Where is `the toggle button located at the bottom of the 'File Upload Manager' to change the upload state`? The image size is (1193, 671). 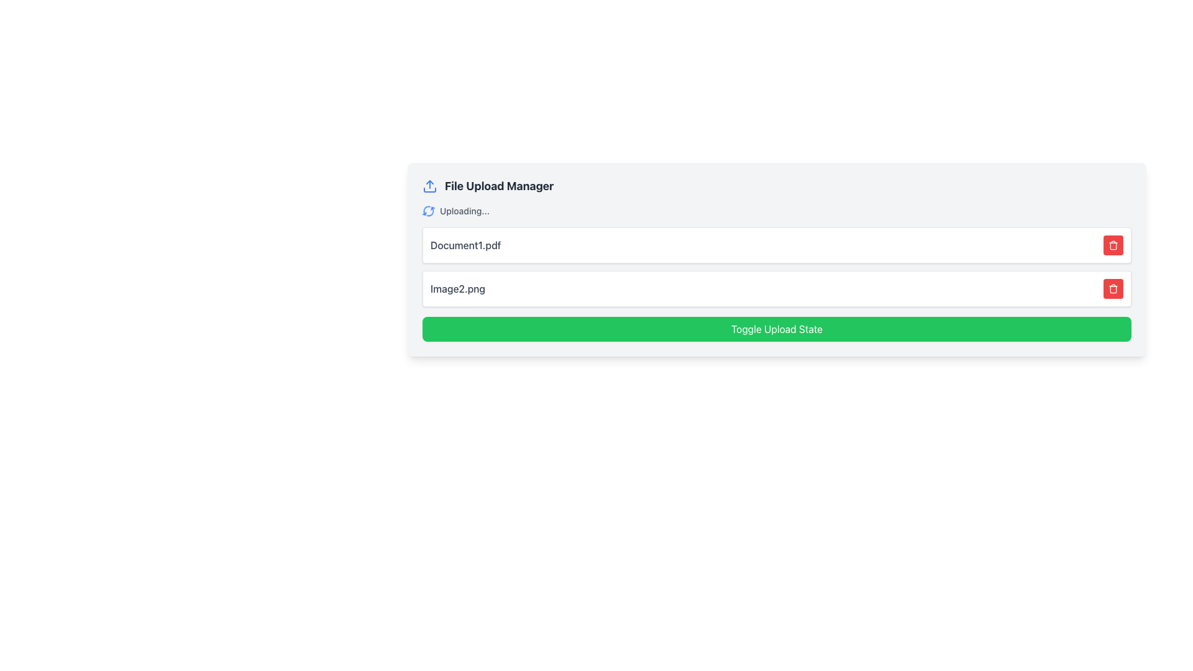
the toggle button located at the bottom of the 'File Upload Manager' to change the upload state is located at coordinates (776, 328).